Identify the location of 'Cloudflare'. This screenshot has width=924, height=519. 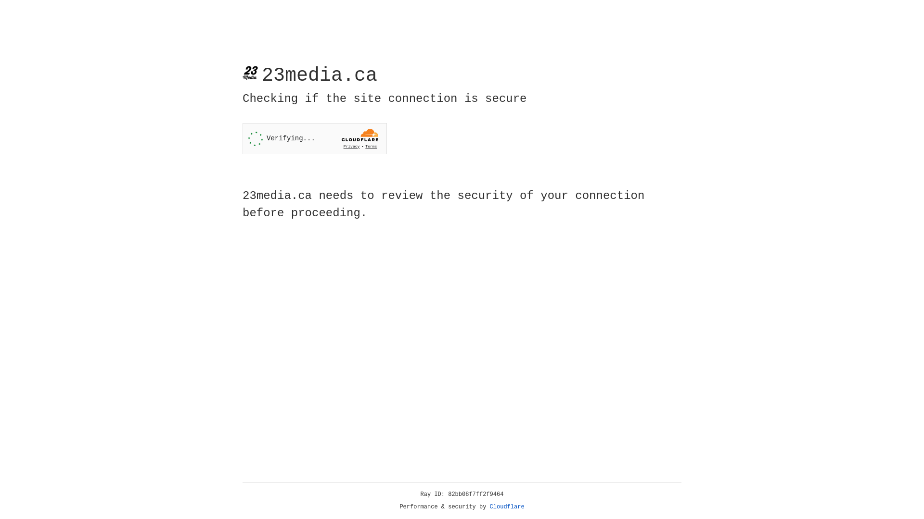
(489, 507).